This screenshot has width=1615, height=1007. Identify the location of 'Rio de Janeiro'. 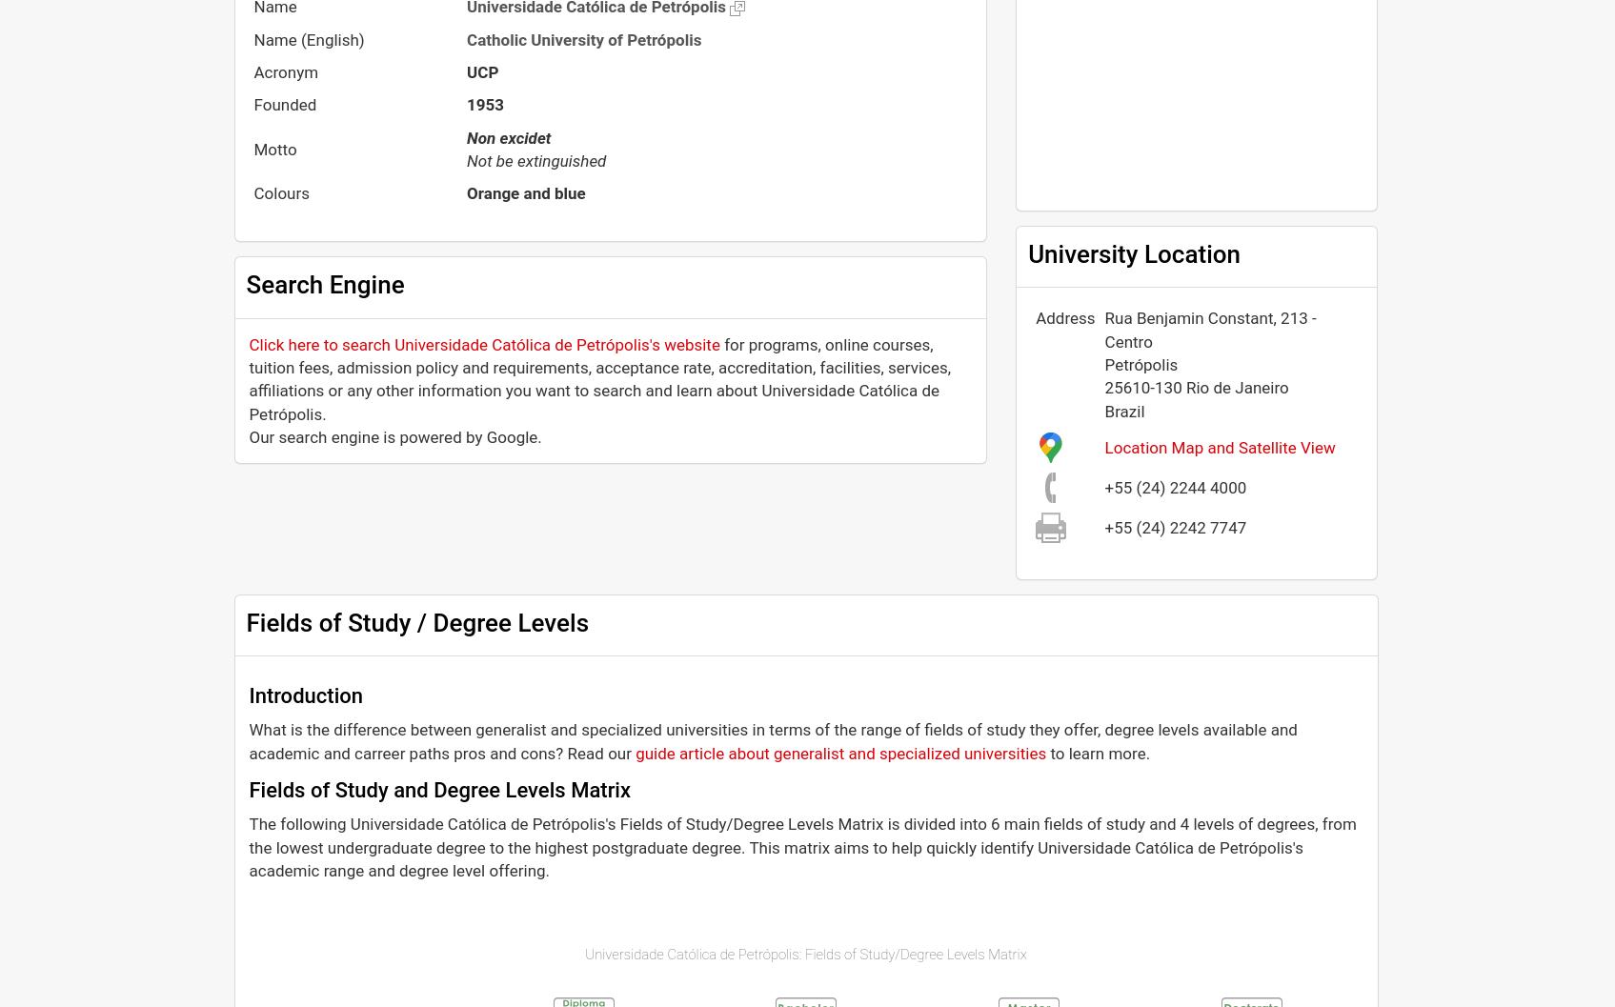
(1236, 387).